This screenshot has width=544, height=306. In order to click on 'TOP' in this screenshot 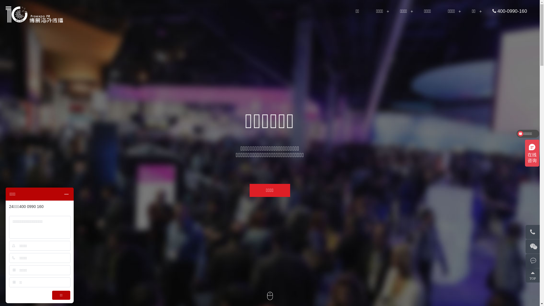, I will do `click(525, 275)`.